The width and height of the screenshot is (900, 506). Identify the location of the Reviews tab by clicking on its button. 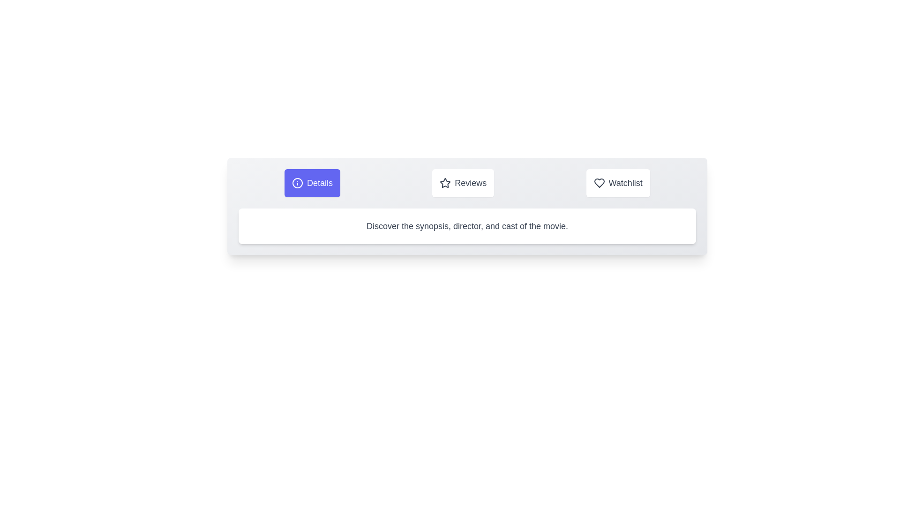
(463, 183).